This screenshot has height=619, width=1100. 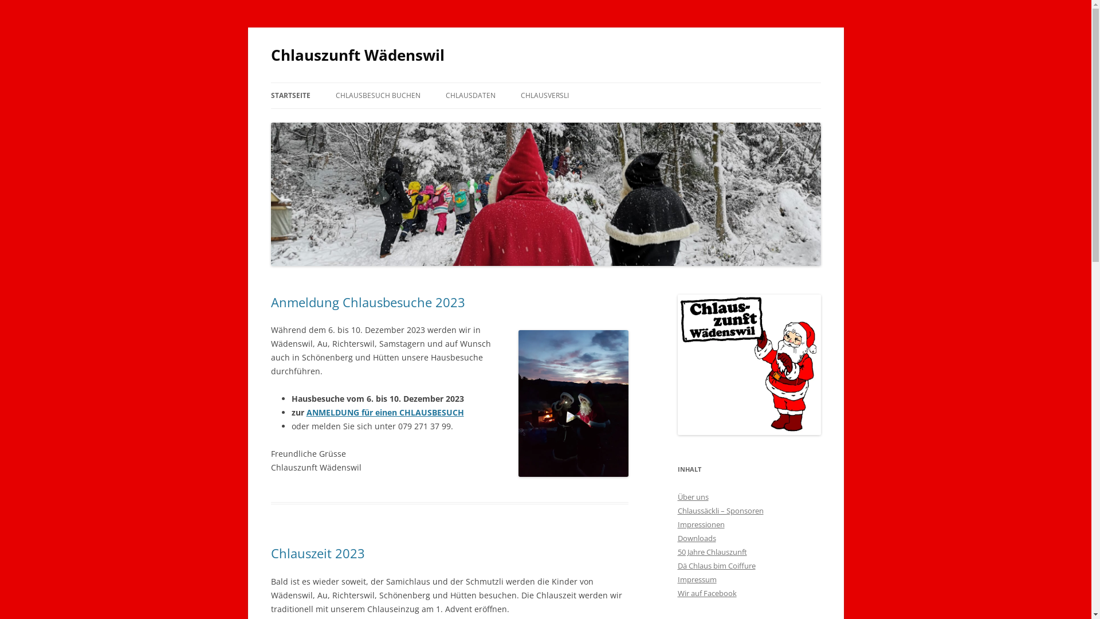 I want to click on 'Anmeldung Chlausbesuche 2023', so click(x=367, y=301).